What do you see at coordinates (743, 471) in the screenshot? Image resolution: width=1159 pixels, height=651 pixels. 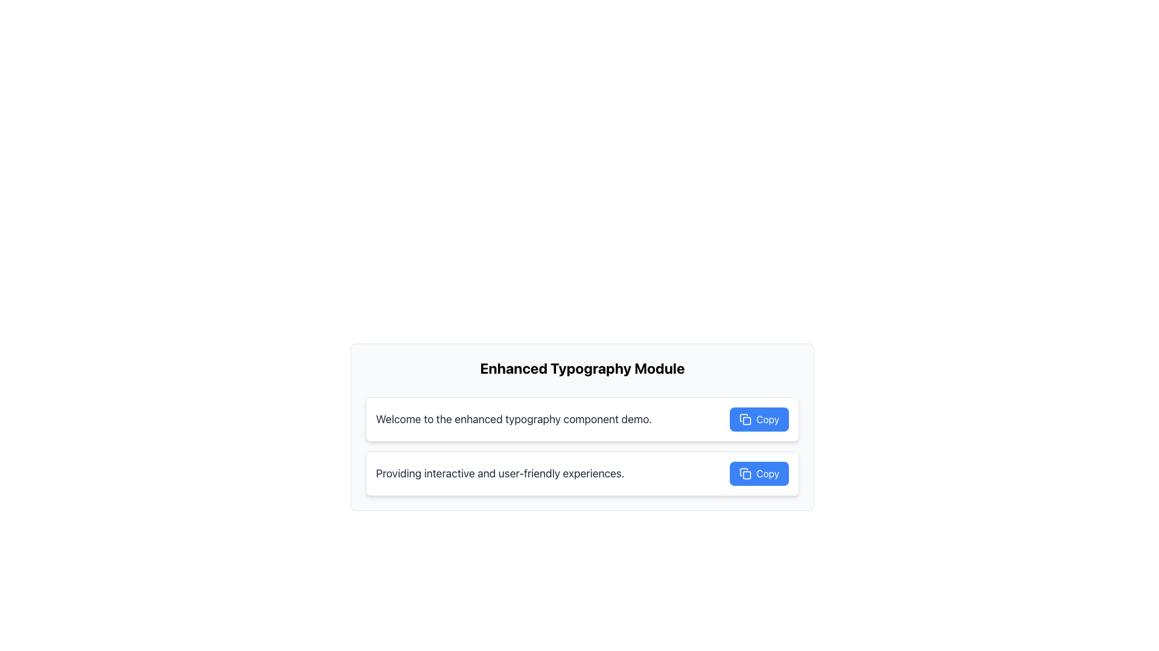 I see `the 'Copy' icon, which resembles a document and is located to the right of the text 'Providing interactive and user-friendly experiences.'` at bounding box center [743, 471].